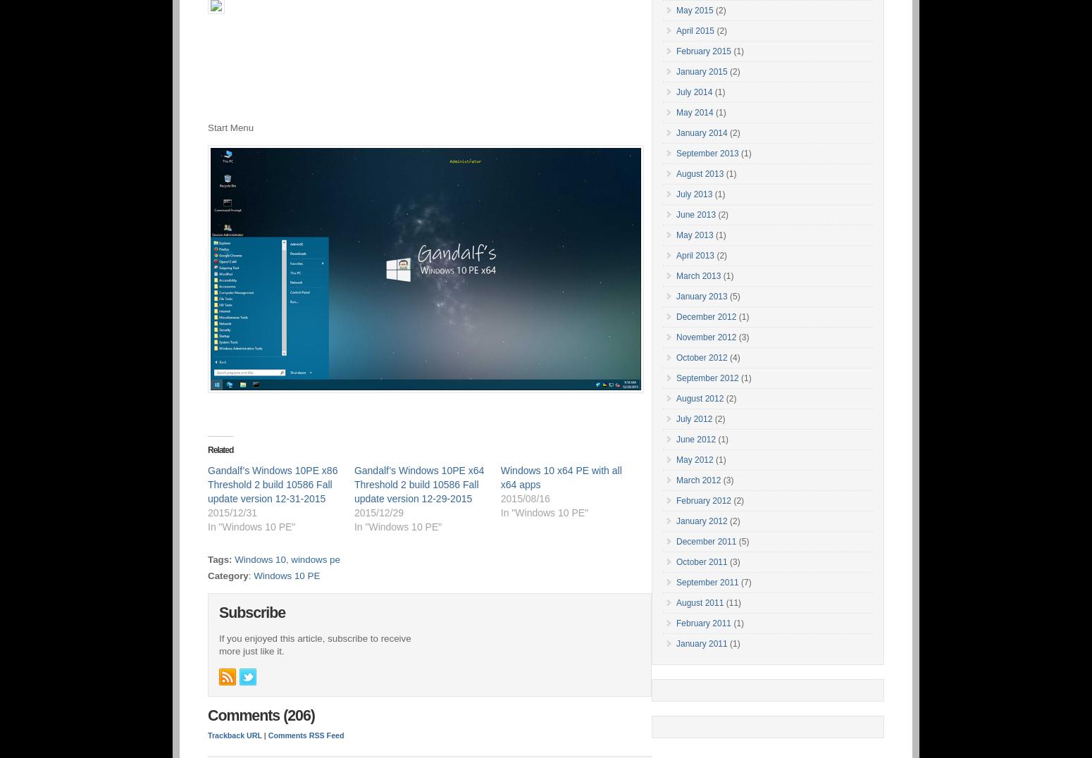  What do you see at coordinates (697, 275) in the screenshot?
I see `'March 2013'` at bounding box center [697, 275].